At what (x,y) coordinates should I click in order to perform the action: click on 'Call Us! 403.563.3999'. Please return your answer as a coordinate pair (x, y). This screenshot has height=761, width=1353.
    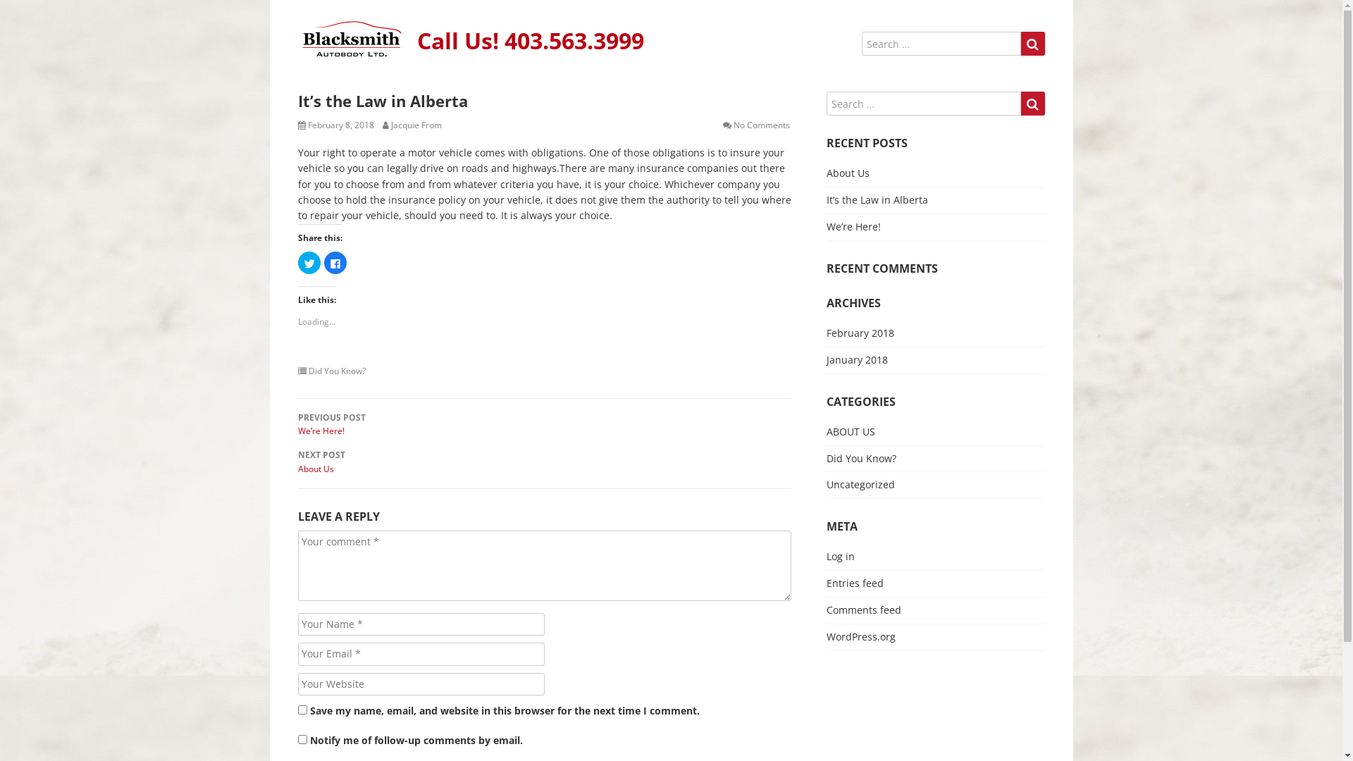
    Looking at the image, I should click on (530, 39).